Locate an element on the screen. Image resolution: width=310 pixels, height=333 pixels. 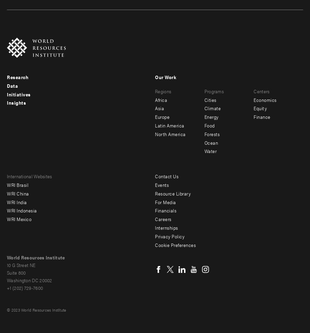
'World Resources Institute' is located at coordinates (36, 257).